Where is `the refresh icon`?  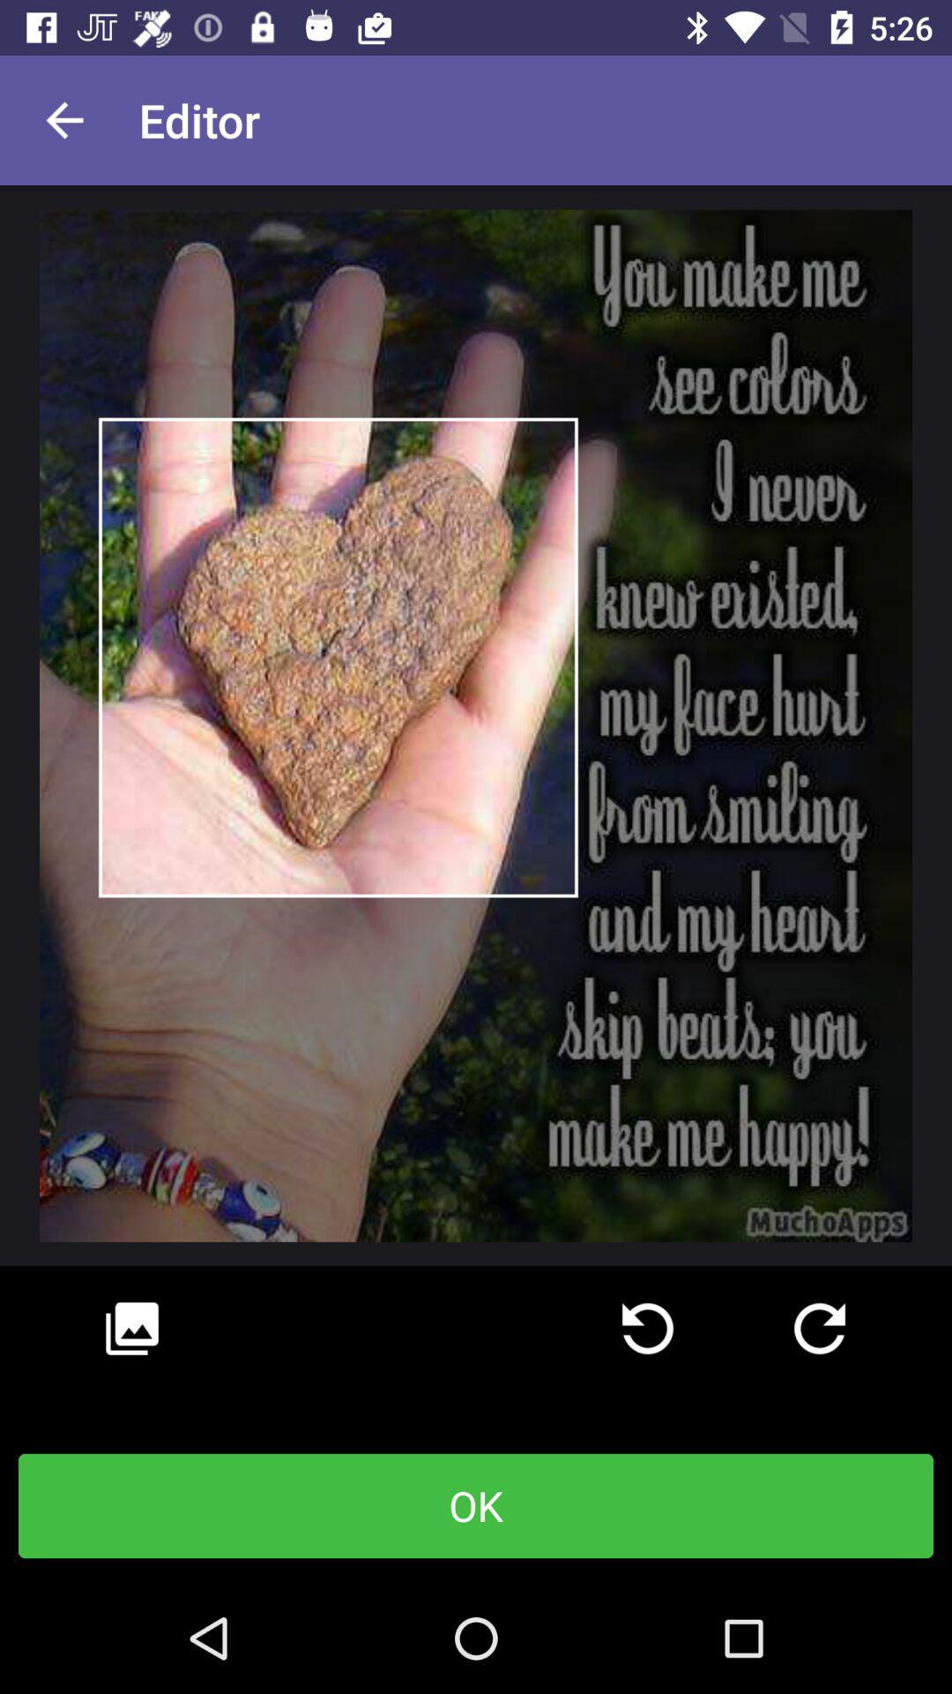
the refresh icon is located at coordinates (819, 1329).